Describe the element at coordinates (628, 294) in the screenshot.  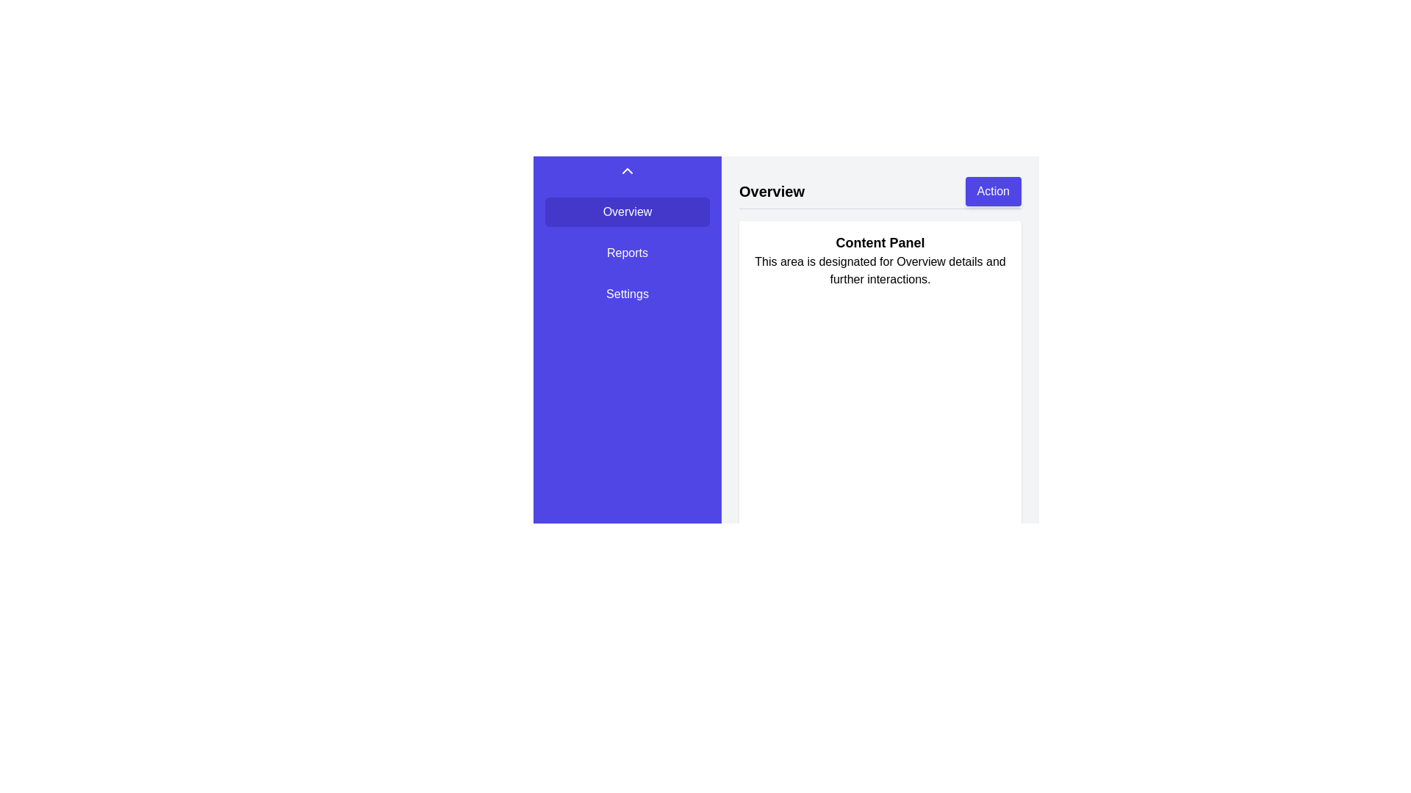
I see `the 'Settings' button, which is the third button in a vertical sequence within the menu on the left side of the interface, to observe any hover effects` at that location.